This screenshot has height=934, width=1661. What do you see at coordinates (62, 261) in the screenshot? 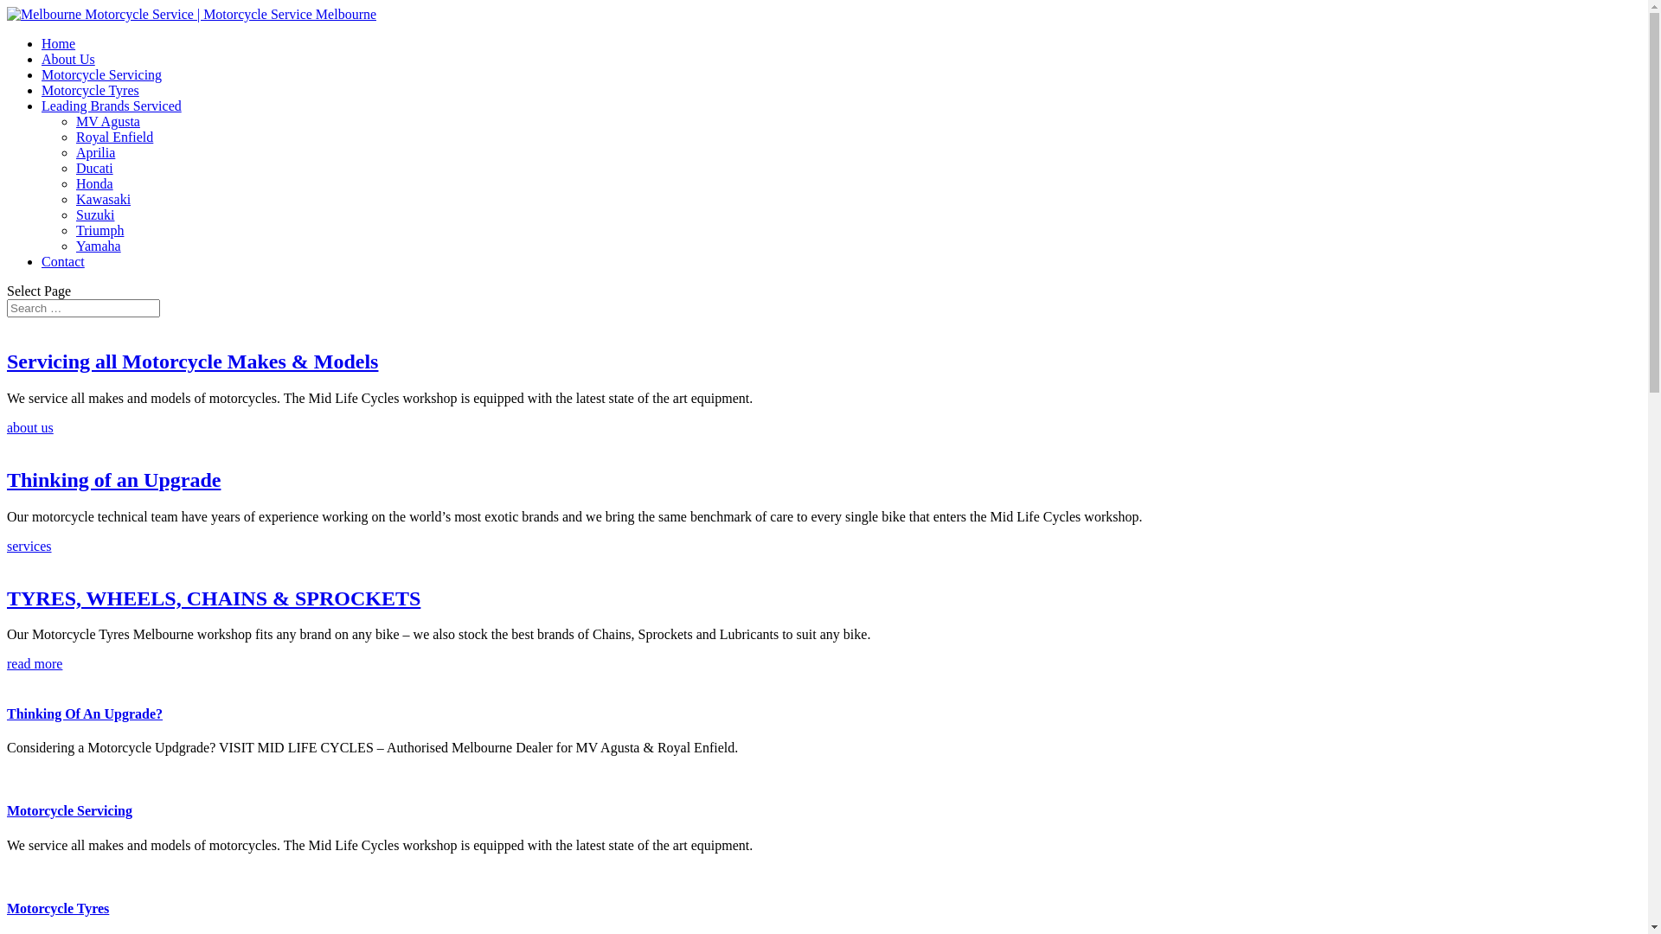
I see `'Contact'` at bounding box center [62, 261].